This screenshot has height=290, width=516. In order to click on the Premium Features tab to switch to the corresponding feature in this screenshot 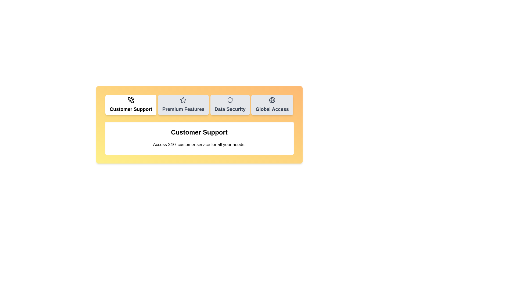, I will do `click(183, 105)`.